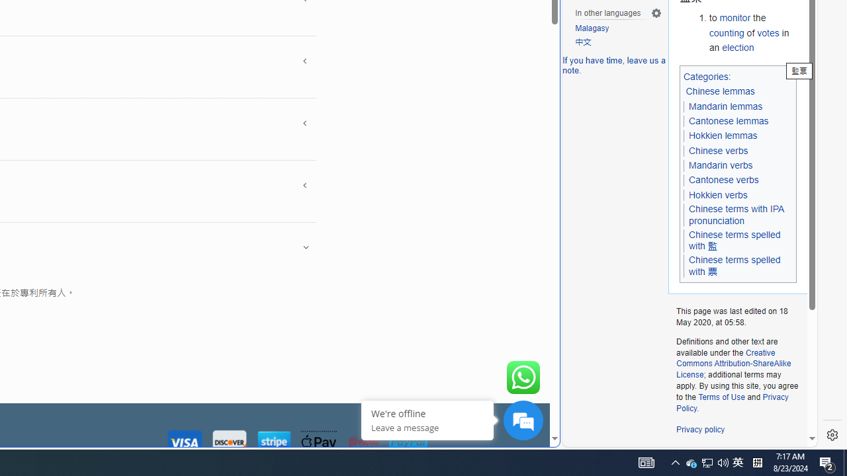 The height and width of the screenshot is (476, 847). I want to click on 'Hokkien lemmas', so click(722, 136).